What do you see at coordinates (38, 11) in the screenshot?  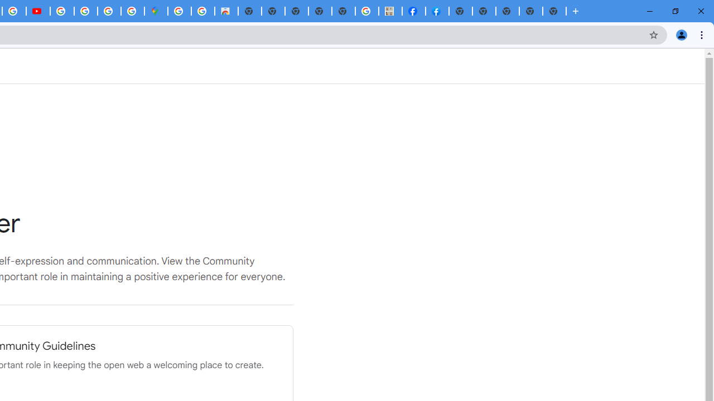 I see `'Subscriptions - YouTube'` at bounding box center [38, 11].